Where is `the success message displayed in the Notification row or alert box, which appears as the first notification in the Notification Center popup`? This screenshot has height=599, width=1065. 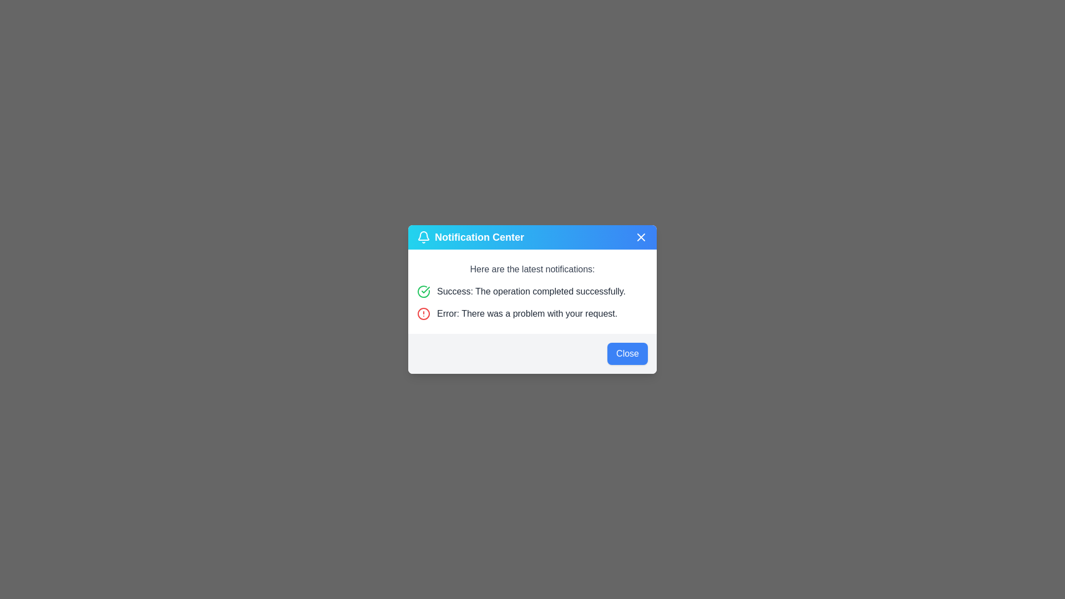
the success message displayed in the Notification row or alert box, which appears as the first notification in the Notification Center popup is located at coordinates (532, 291).